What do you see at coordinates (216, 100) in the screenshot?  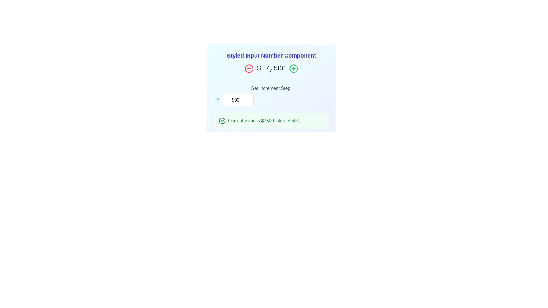 I see `the square pen icon button with a blue outline` at bounding box center [216, 100].